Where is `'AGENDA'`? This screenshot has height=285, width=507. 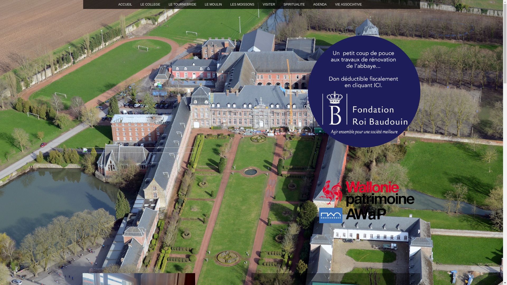
'AGENDA' is located at coordinates (320, 4).